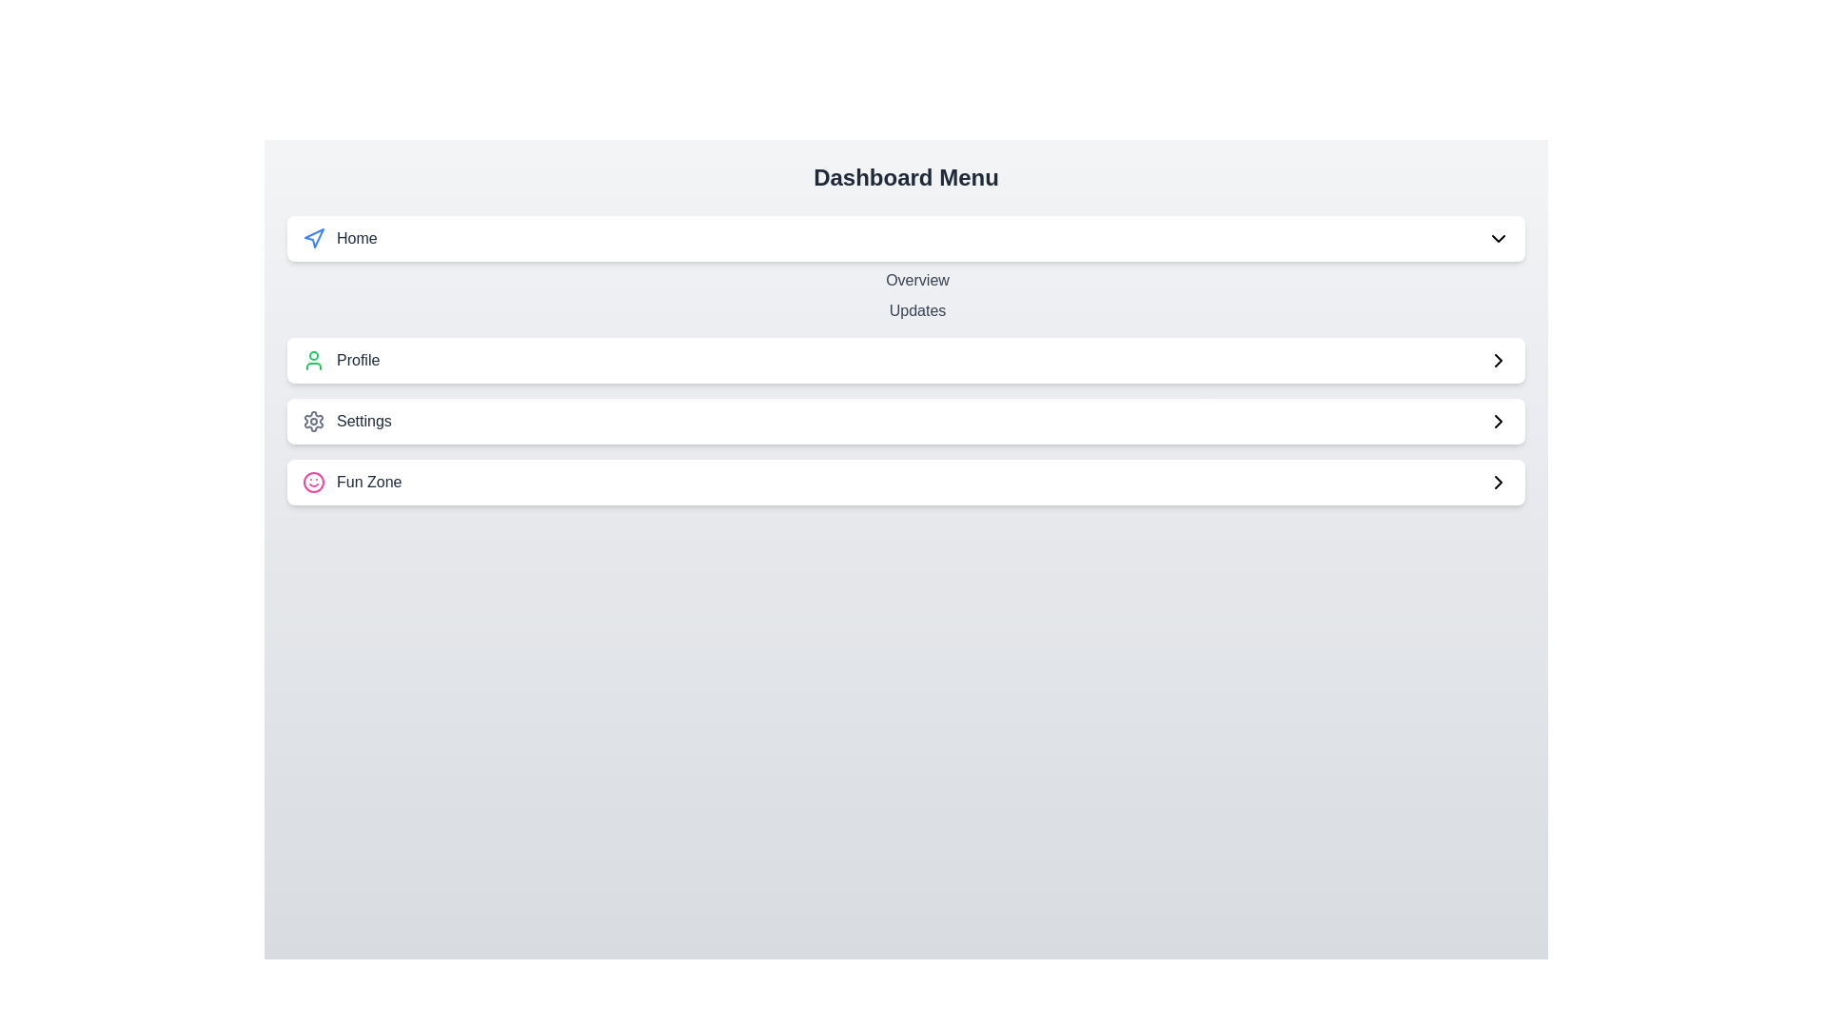  I want to click on the 'Profile' text label within the navigation menu, so click(341, 360).